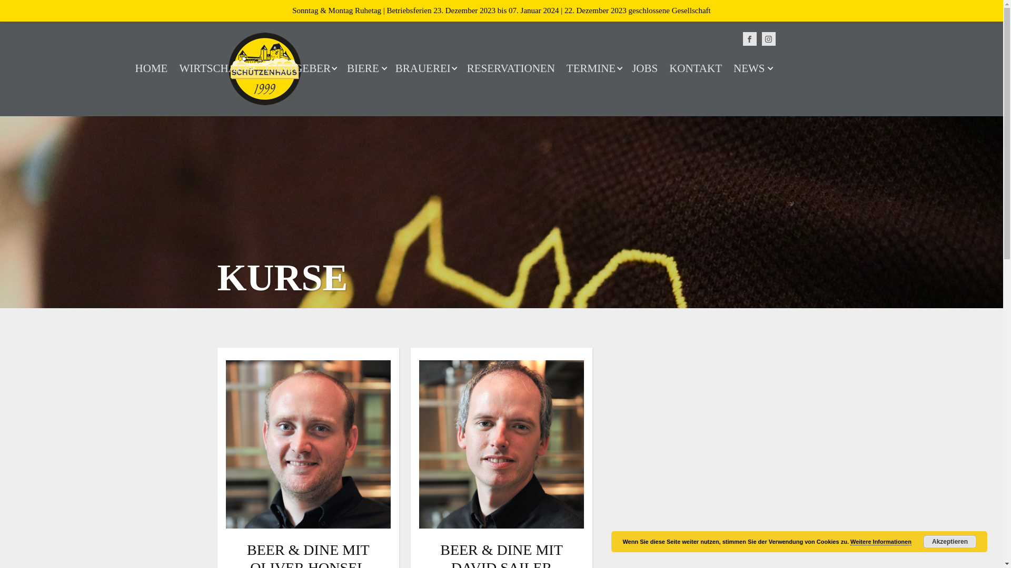  Describe the element at coordinates (950, 541) in the screenshot. I see `'Akzeptieren'` at that location.